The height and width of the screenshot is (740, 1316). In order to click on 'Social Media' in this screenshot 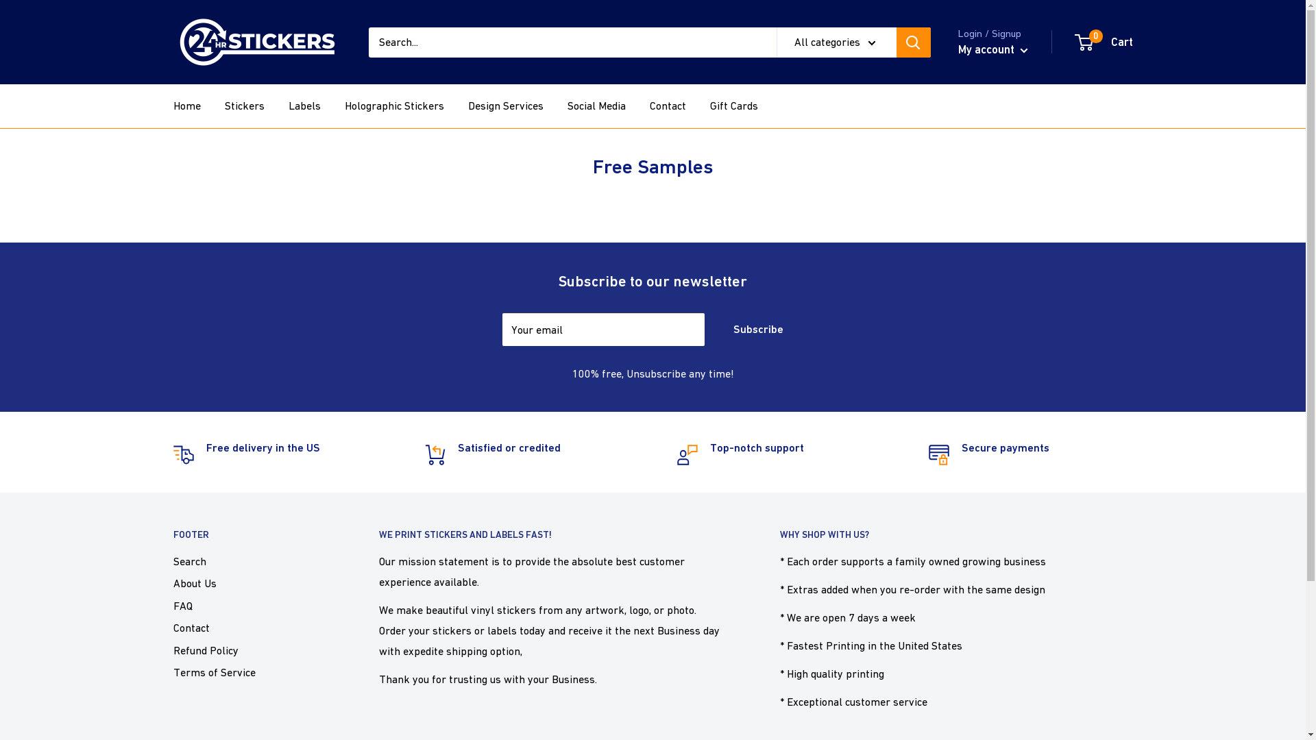, I will do `click(596, 105)`.